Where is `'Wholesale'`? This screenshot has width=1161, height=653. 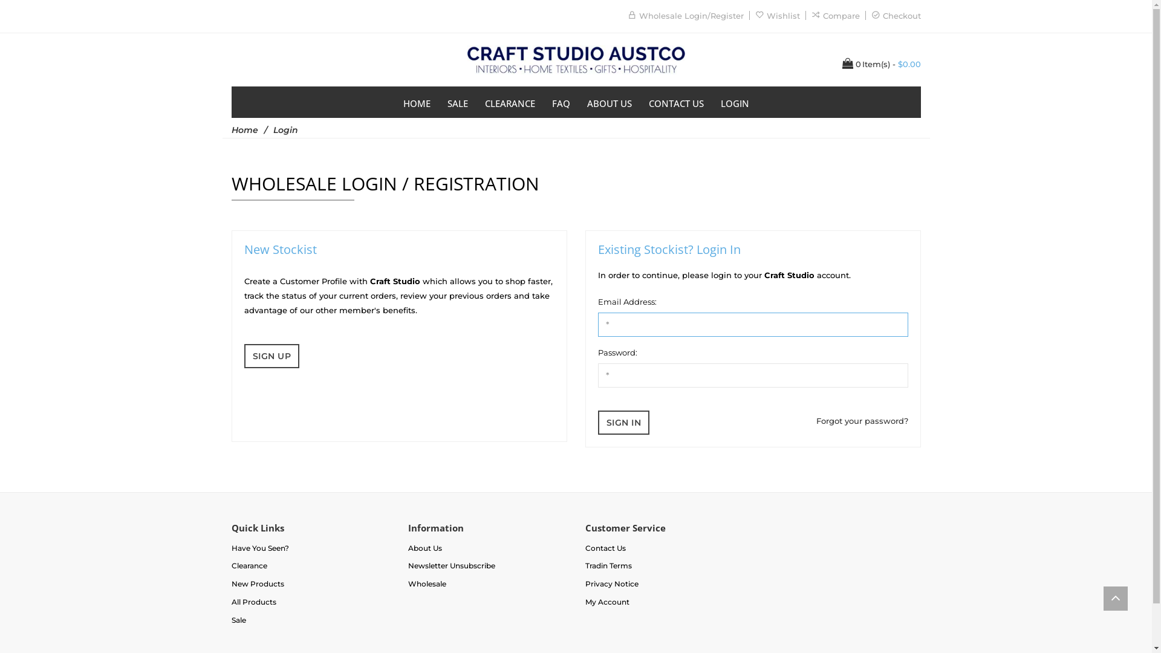 'Wholesale' is located at coordinates (427, 583).